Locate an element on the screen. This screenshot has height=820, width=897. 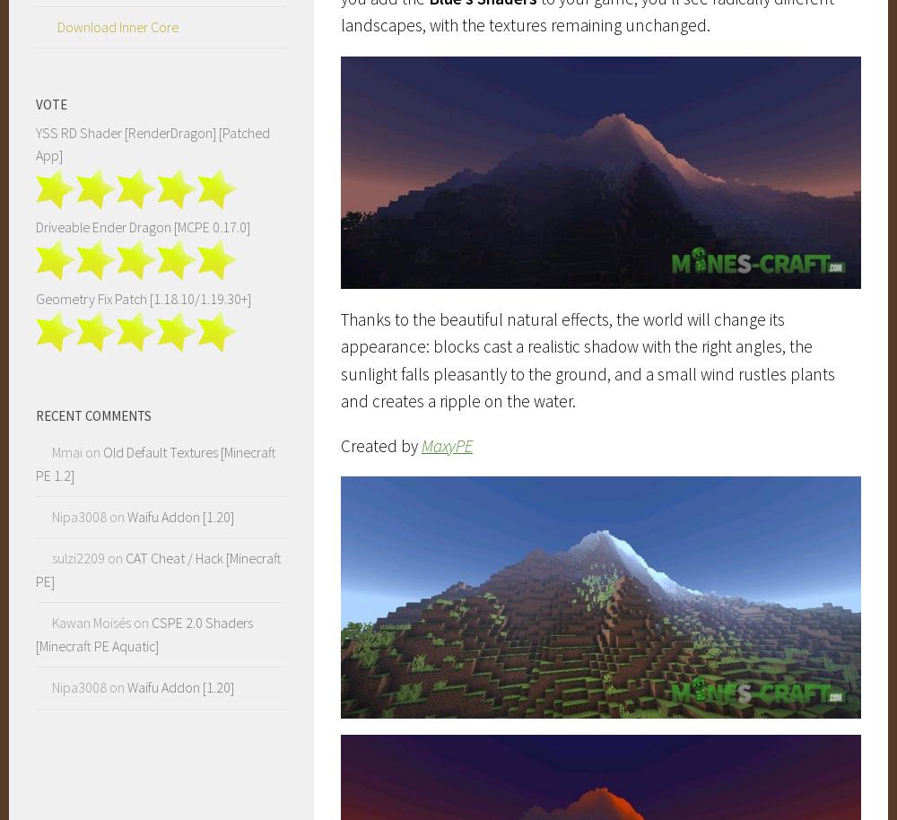
'Download Inner Core' is located at coordinates (118, 25).